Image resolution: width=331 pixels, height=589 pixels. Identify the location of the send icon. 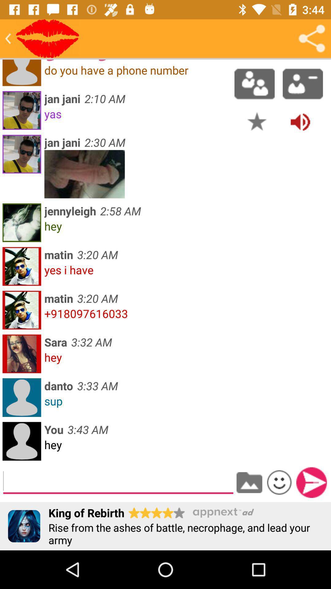
(311, 482).